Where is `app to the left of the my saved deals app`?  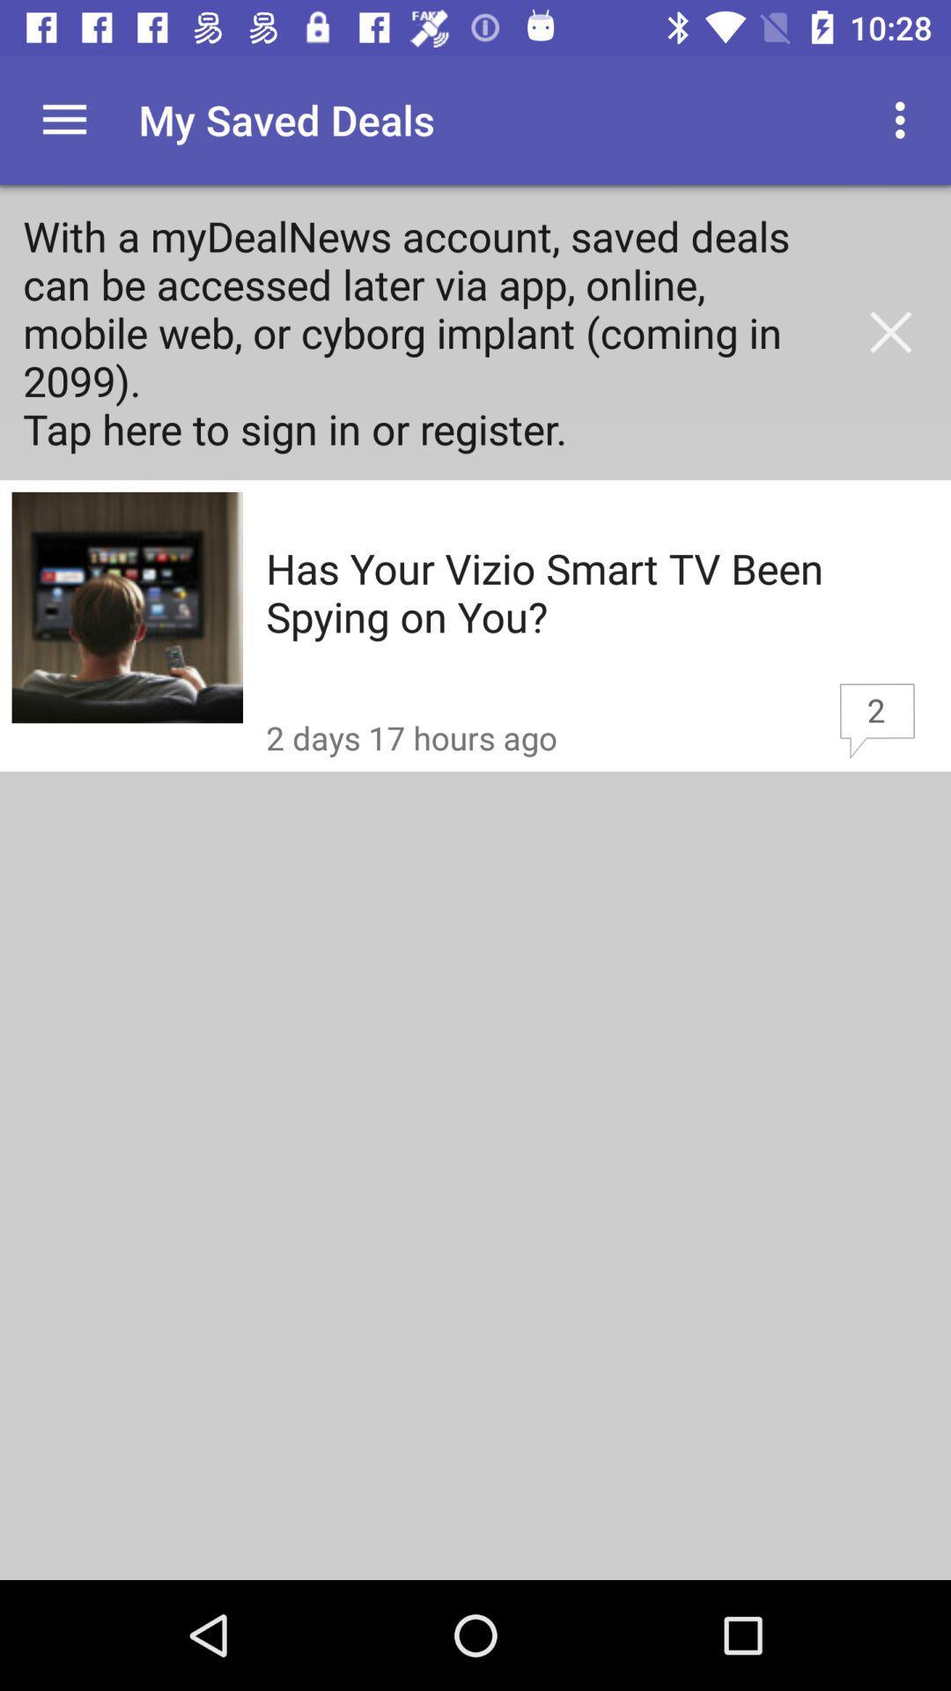 app to the left of the my saved deals app is located at coordinates (63, 119).